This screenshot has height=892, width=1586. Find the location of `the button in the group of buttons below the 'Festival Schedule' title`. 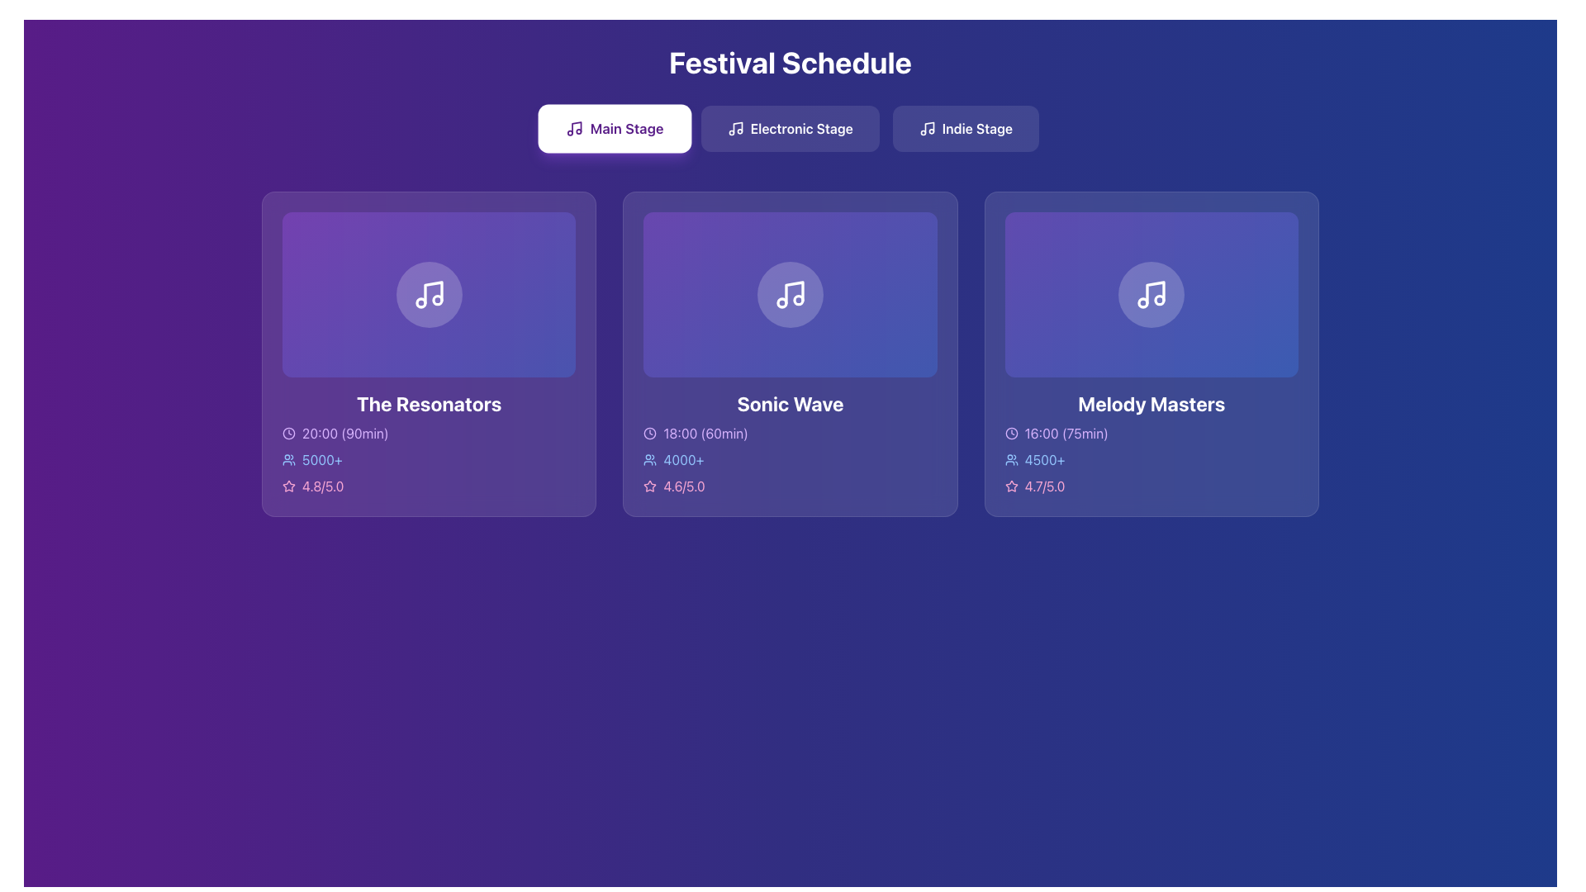

the button in the group of buttons below the 'Festival Schedule' title is located at coordinates (789, 127).